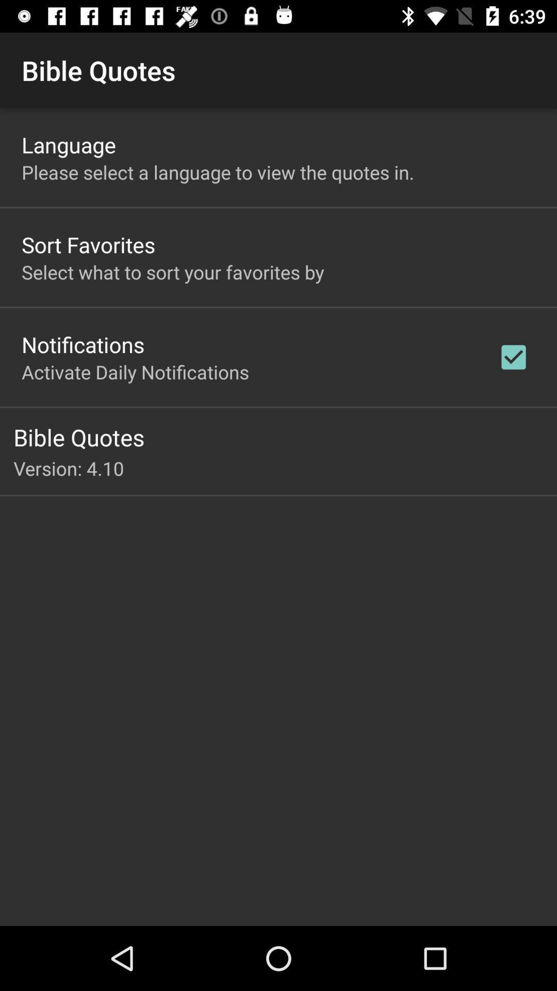 The image size is (557, 991). Describe the element at coordinates (135, 372) in the screenshot. I see `the icon above bible quotes icon` at that location.